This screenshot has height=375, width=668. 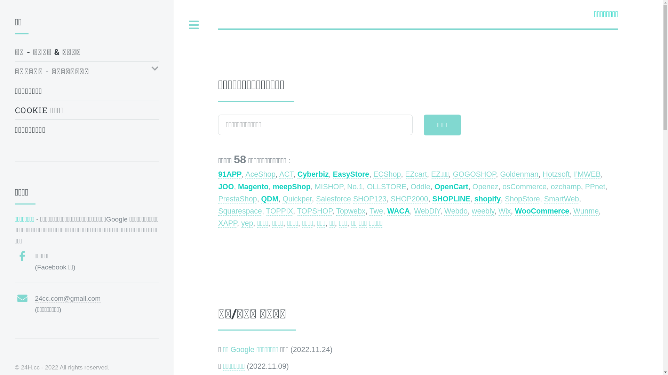 What do you see at coordinates (227, 223) in the screenshot?
I see `'XAPP'` at bounding box center [227, 223].